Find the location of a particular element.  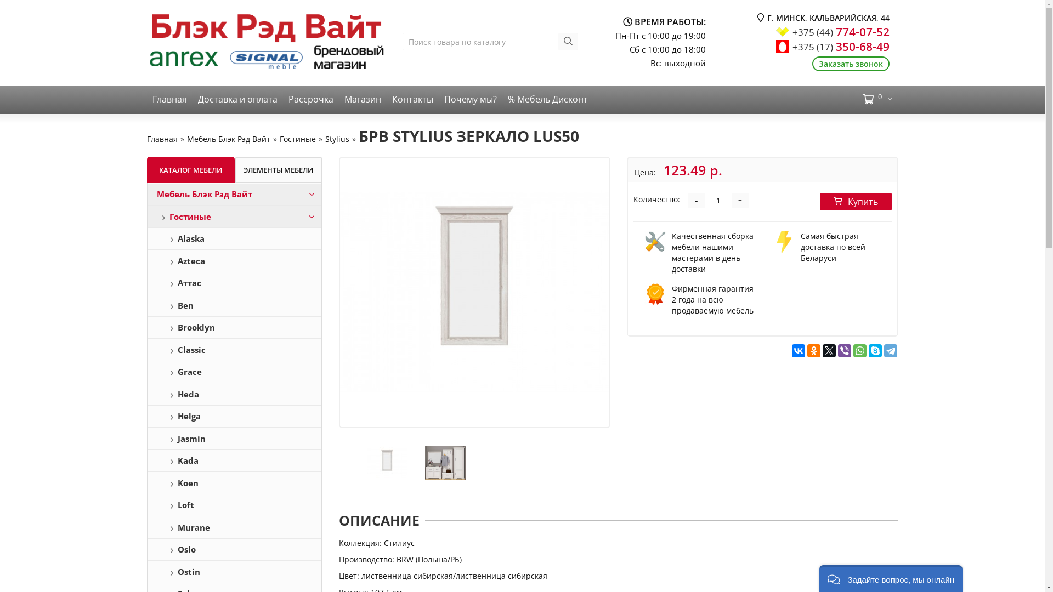

'Telegram' is located at coordinates (890, 351).